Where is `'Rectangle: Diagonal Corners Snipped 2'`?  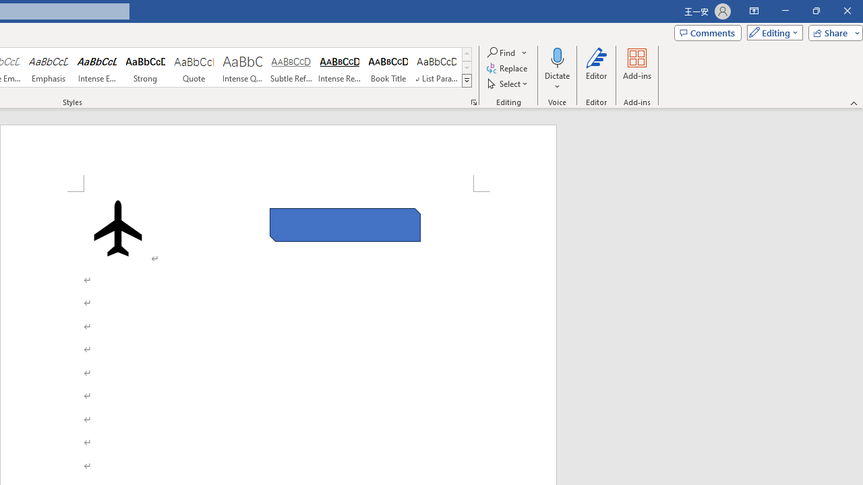 'Rectangle: Diagonal Corners Snipped 2' is located at coordinates (345, 224).